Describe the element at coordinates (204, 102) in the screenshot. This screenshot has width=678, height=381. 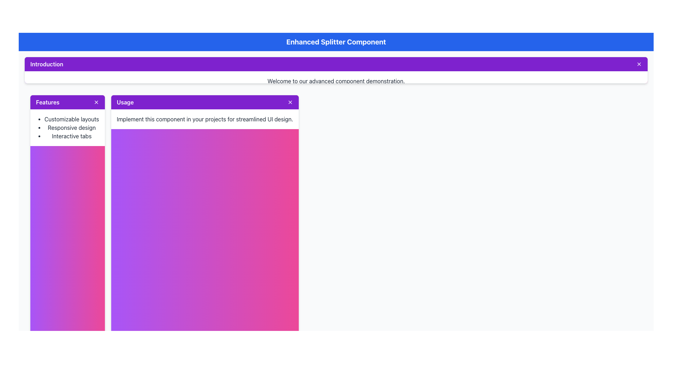
I see `the 'Usage' tab located at the top of the content card, which features a purple gradient background and a close button on the right` at that location.